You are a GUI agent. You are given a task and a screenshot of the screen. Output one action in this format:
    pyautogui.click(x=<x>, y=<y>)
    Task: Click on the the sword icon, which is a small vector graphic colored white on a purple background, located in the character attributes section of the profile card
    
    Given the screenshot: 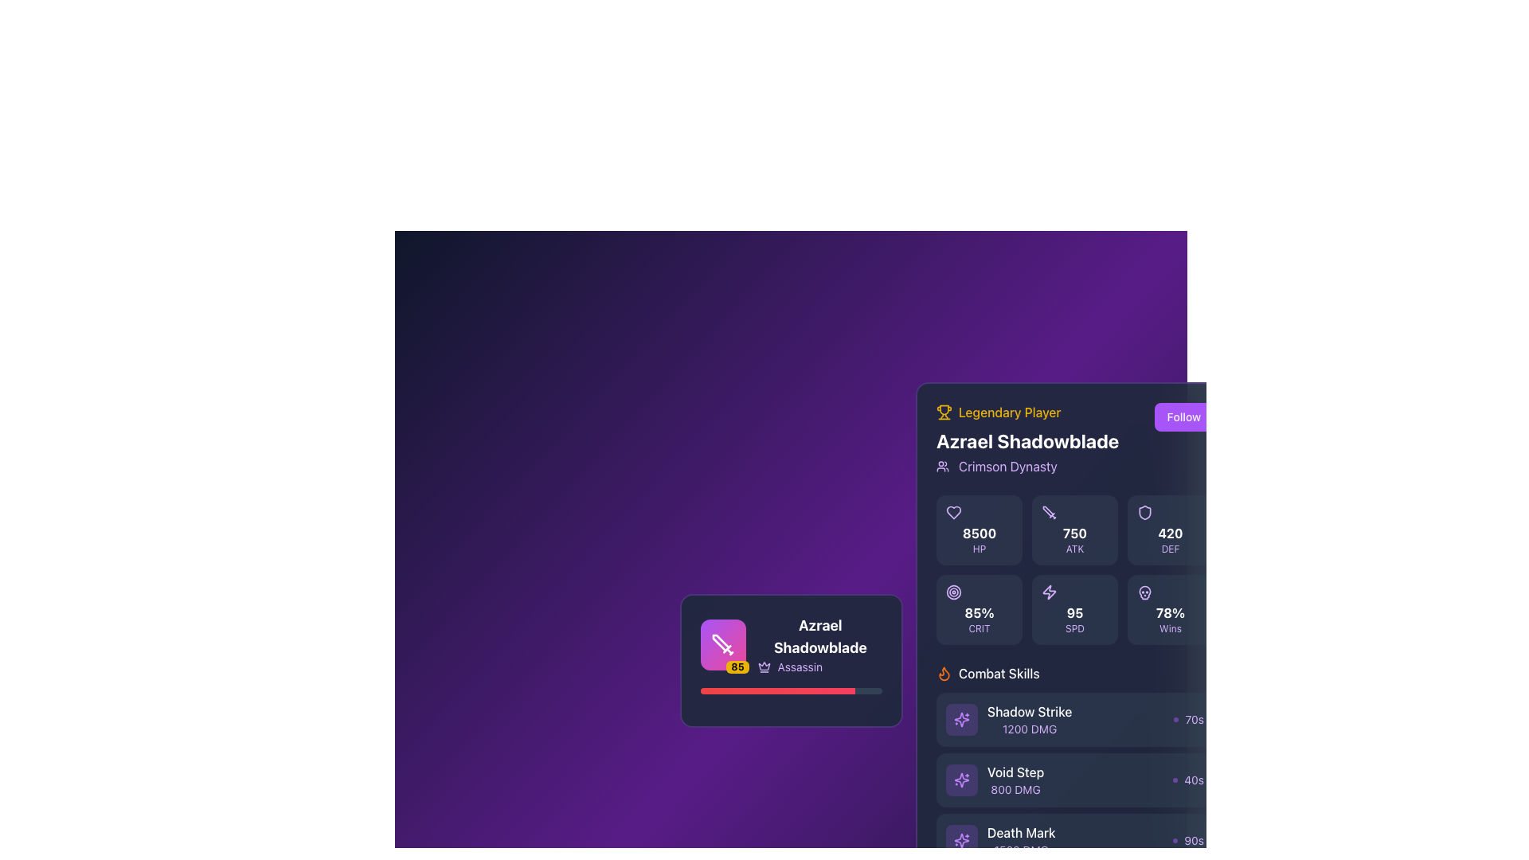 What is the action you would take?
    pyautogui.click(x=720, y=642)
    